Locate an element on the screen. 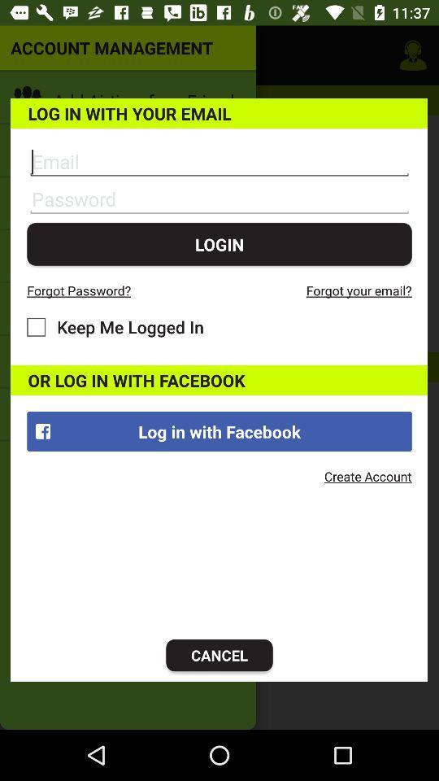 The width and height of the screenshot is (439, 781). the keep me logged item is located at coordinates (115, 326).